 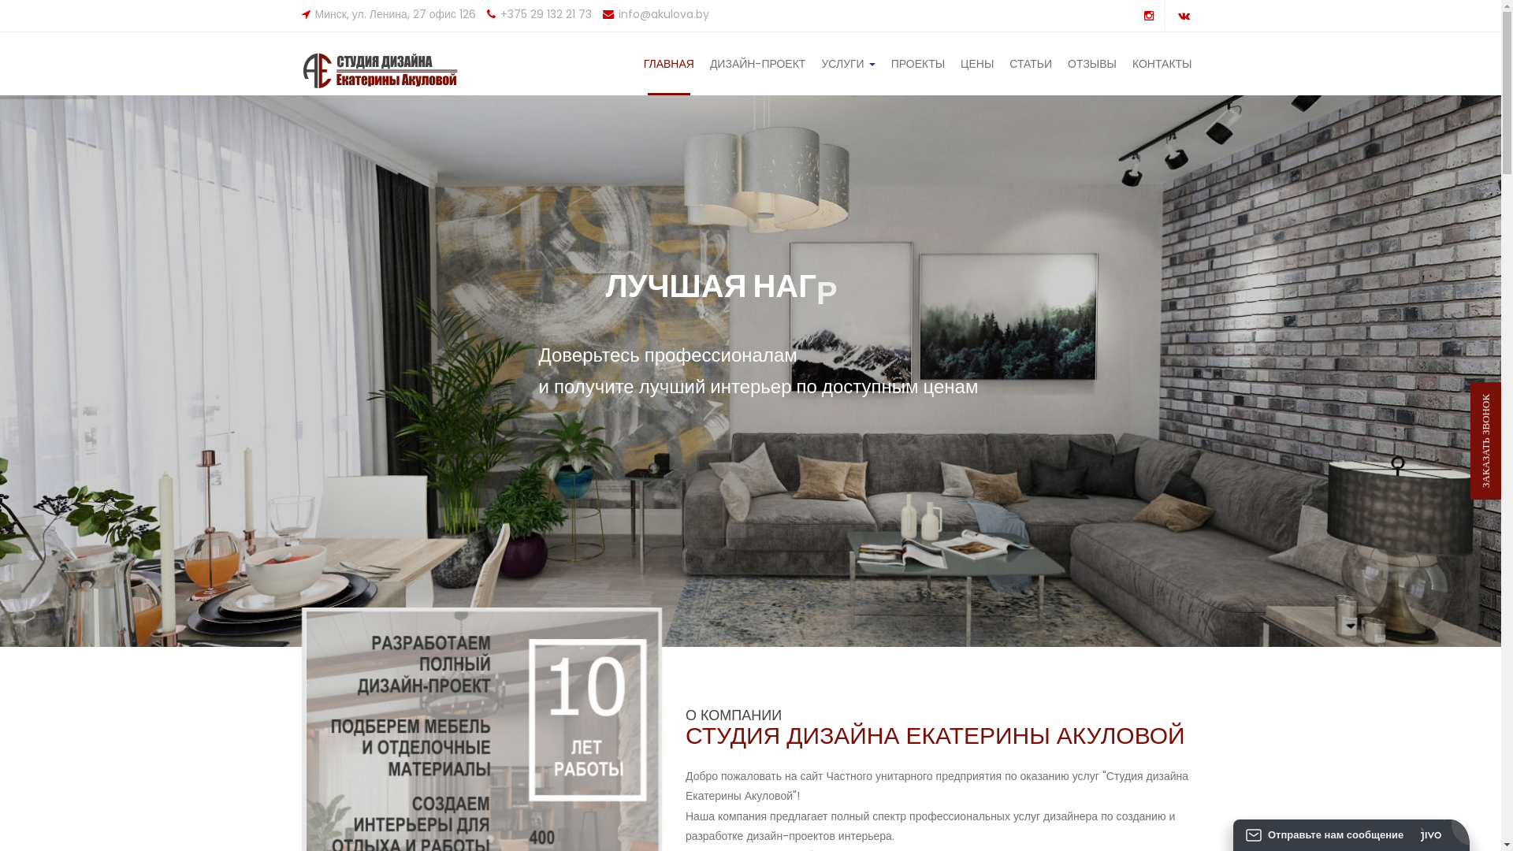 What do you see at coordinates (388, 69) in the screenshot?
I see `'akulova.by'` at bounding box center [388, 69].